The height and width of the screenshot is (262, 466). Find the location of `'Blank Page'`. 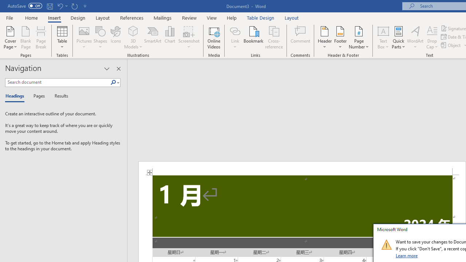

'Blank Page' is located at coordinates (26, 37).